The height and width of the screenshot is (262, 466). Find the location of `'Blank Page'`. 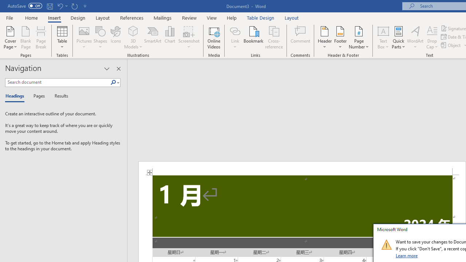

'Blank Page' is located at coordinates (26, 37).